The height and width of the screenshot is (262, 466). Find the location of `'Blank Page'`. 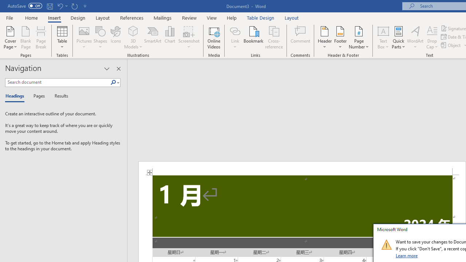

'Blank Page' is located at coordinates (26, 37).